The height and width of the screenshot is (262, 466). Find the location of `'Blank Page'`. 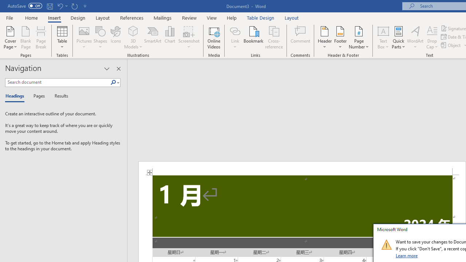

'Blank Page' is located at coordinates (26, 37).